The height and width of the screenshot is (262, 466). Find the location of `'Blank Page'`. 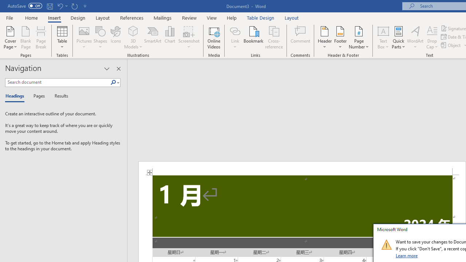

'Blank Page' is located at coordinates (26, 37).